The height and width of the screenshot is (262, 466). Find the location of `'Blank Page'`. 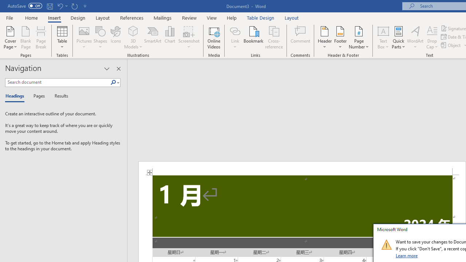

'Blank Page' is located at coordinates (26, 37).